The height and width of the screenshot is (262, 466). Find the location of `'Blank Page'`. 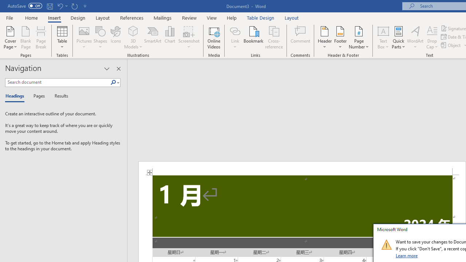

'Blank Page' is located at coordinates (26, 37).